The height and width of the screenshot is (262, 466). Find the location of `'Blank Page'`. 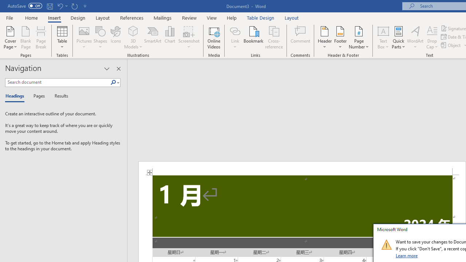

'Blank Page' is located at coordinates (26, 37).